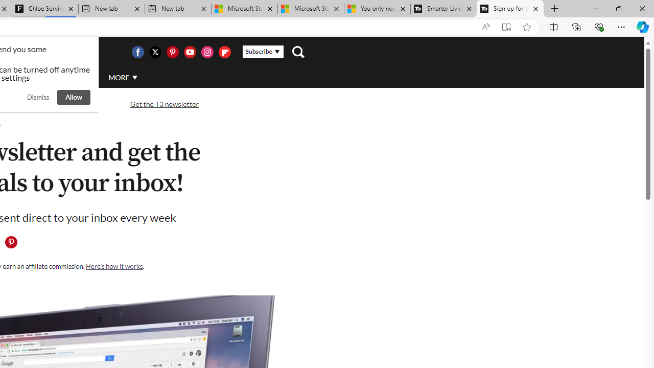 The image size is (654, 368). What do you see at coordinates (443, 9) in the screenshot?
I see `'Smarter Living | T3'` at bounding box center [443, 9].